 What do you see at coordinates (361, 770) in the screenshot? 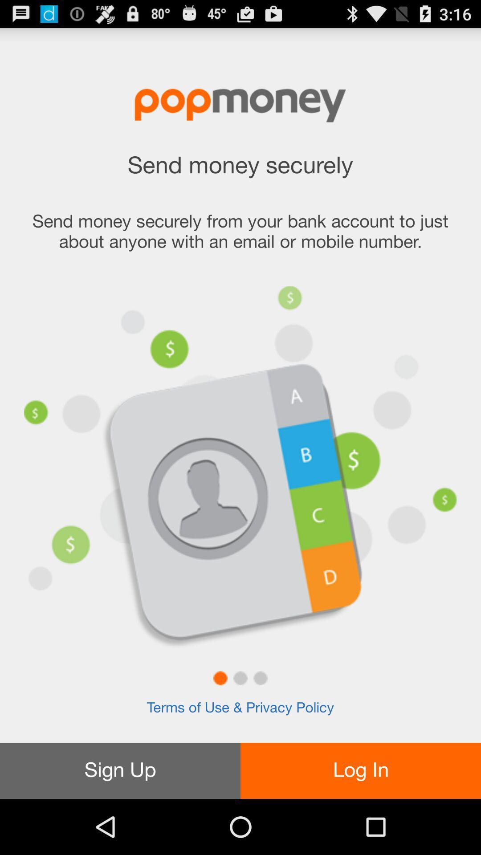
I see `icon to the right of the sign up` at bounding box center [361, 770].